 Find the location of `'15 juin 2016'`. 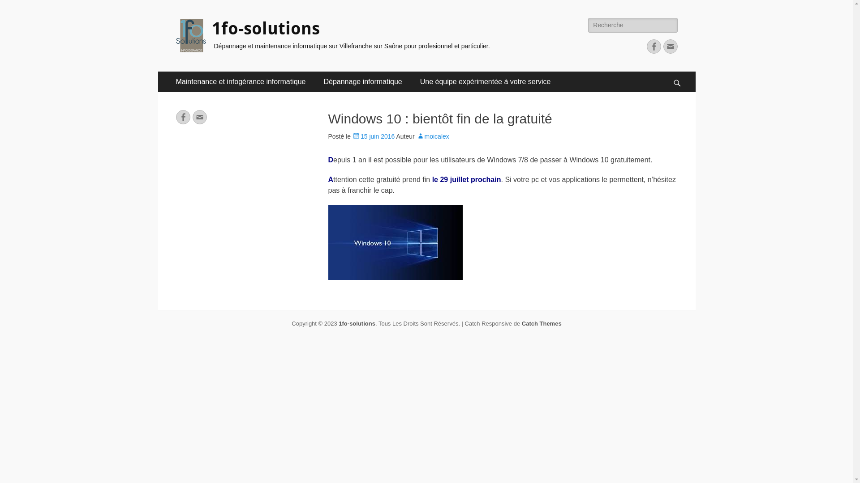

'15 juin 2016' is located at coordinates (352, 136).